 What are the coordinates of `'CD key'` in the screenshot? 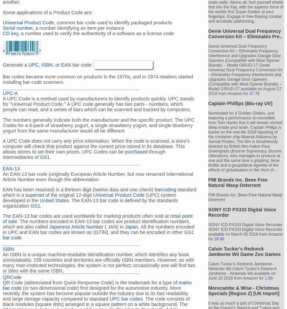 It's located at (2, 33).